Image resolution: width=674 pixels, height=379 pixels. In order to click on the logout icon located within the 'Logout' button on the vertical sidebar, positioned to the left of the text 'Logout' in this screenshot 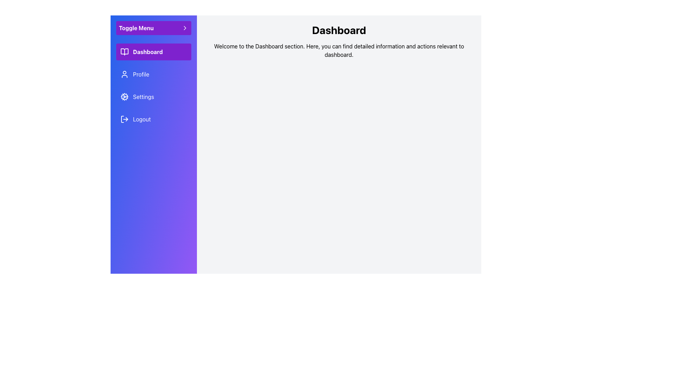, I will do `click(125, 119)`.